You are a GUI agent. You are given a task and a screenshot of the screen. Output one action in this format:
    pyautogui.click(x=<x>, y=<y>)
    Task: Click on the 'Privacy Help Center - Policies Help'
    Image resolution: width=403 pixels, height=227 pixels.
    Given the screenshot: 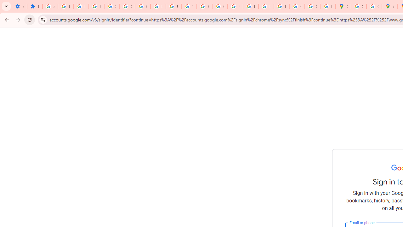 What is the action you would take?
    pyautogui.click(x=235, y=6)
    